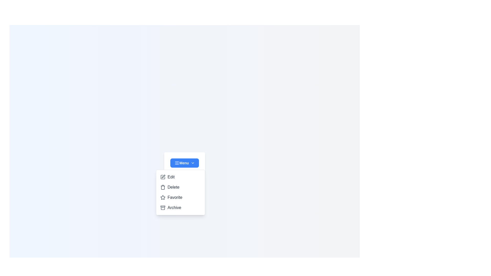  Describe the element at coordinates (181, 208) in the screenshot. I see `the menu item Archive` at that location.